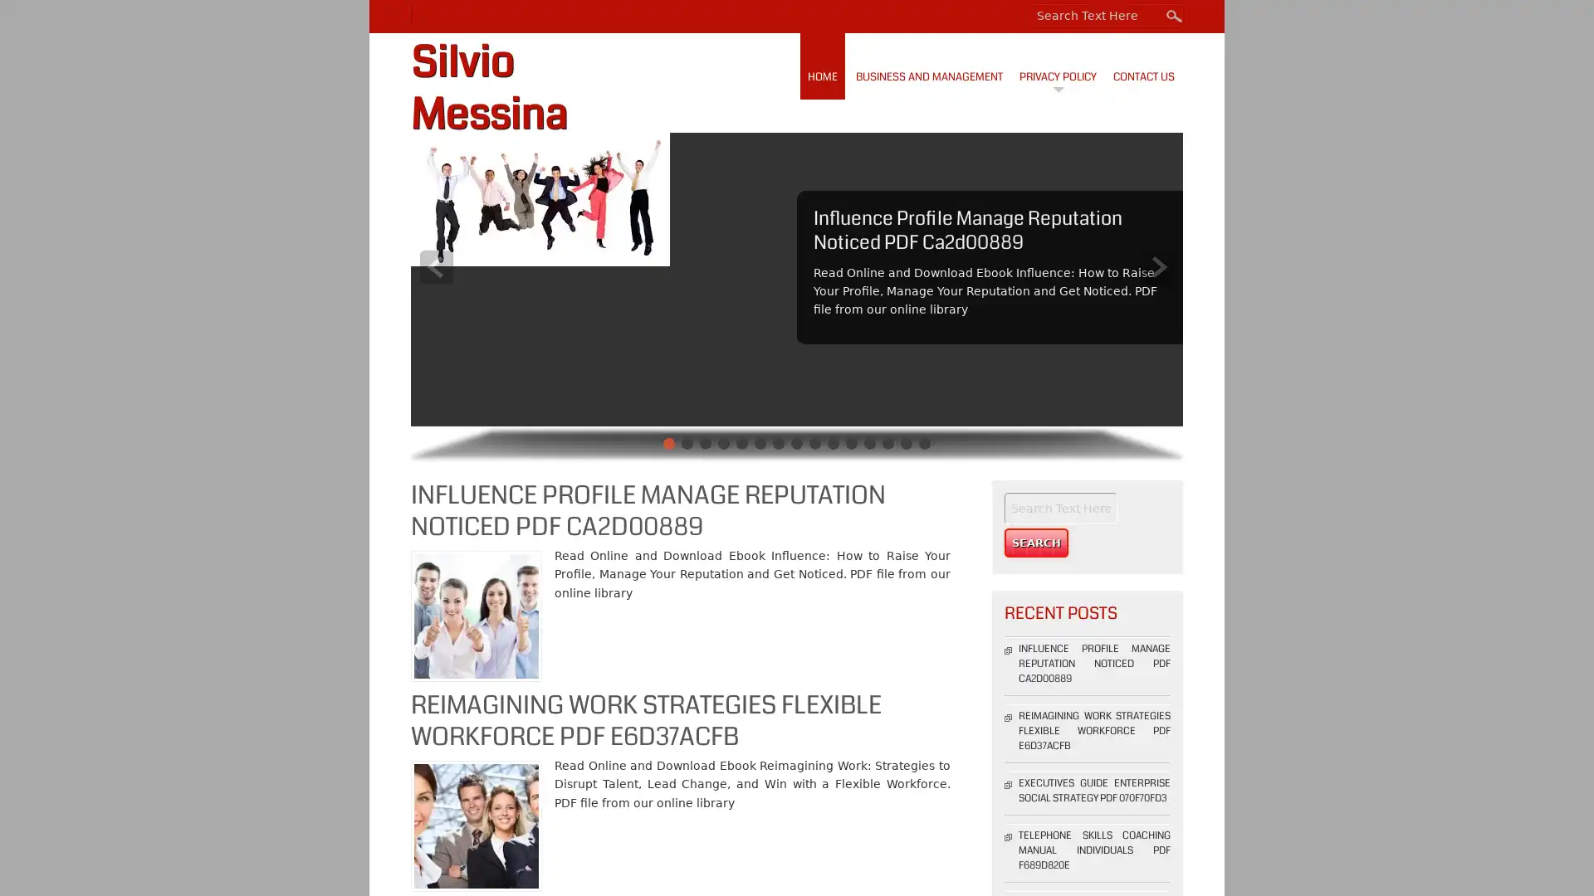 This screenshot has height=896, width=1594. What do you see at coordinates (1035, 543) in the screenshot?
I see `Search` at bounding box center [1035, 543].